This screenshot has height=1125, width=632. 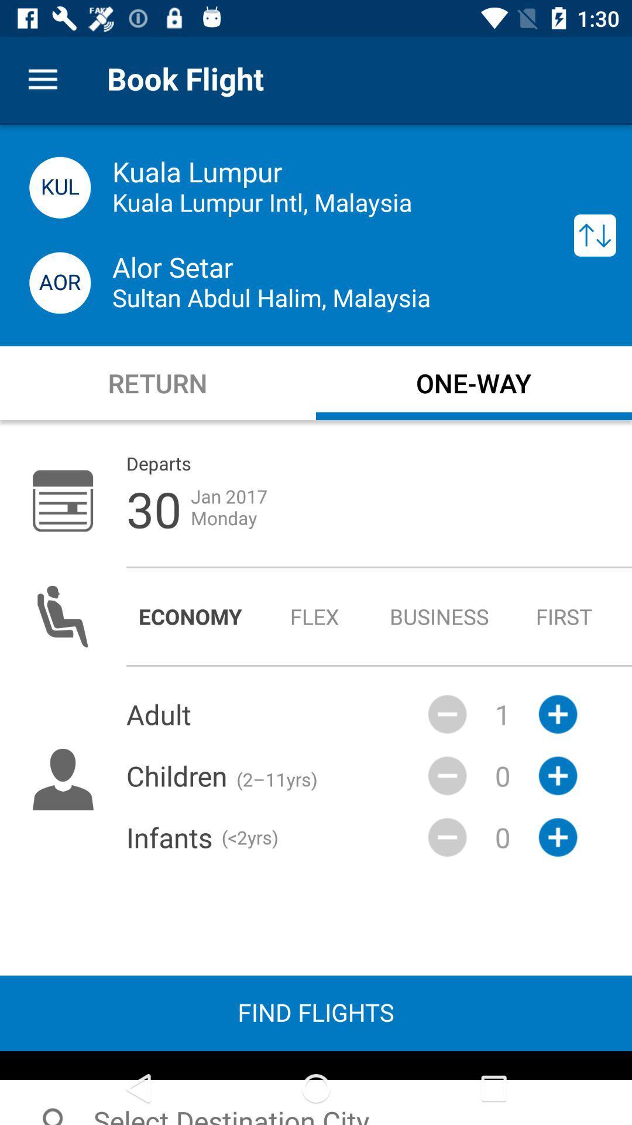 What do you see at coordinates (447, 837) in the screenshot?
I see `the icon which is beside the infants` at bounding box center [447, 837].